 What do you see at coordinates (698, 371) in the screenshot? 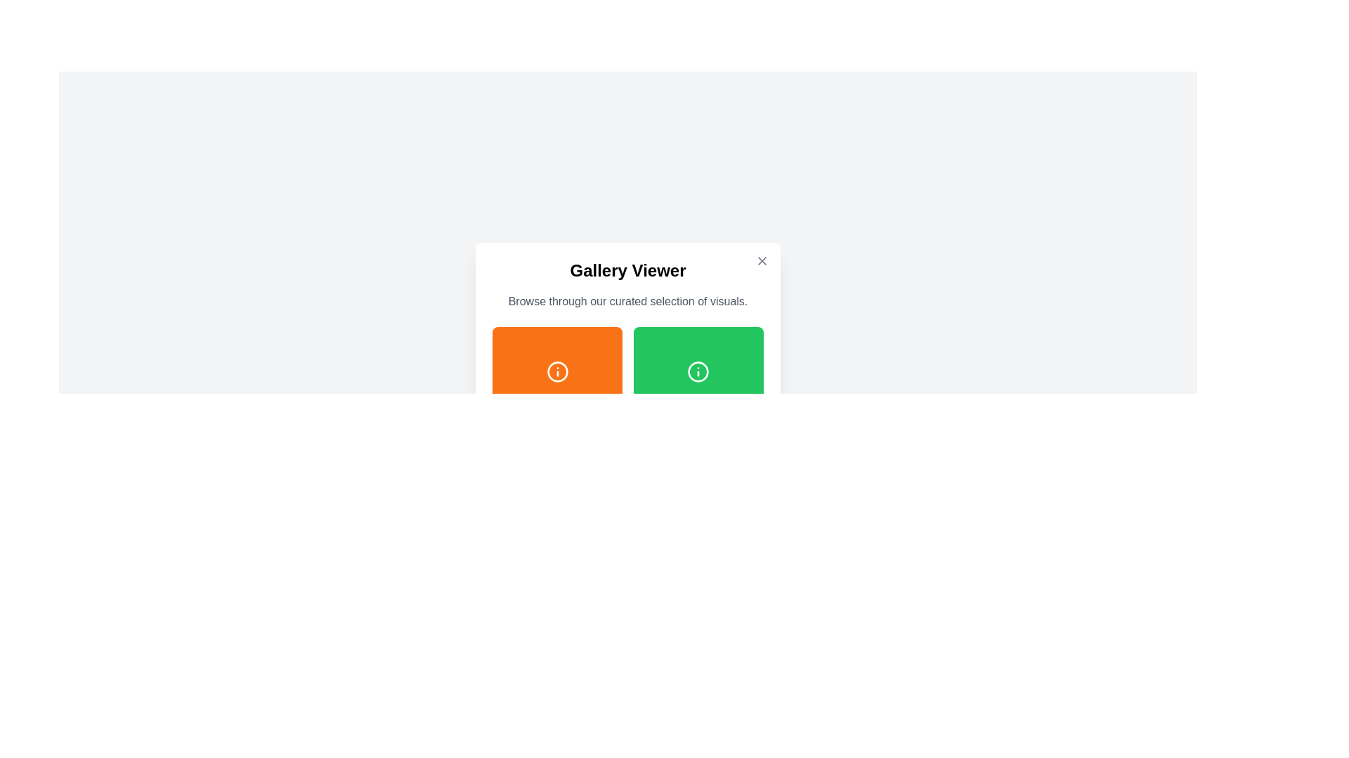
I see `the green rectangular button that contains the SVG circle, located to the right side of the two-button layout below the 'Gallery Viewer' header` at bounding box center [698, 371].